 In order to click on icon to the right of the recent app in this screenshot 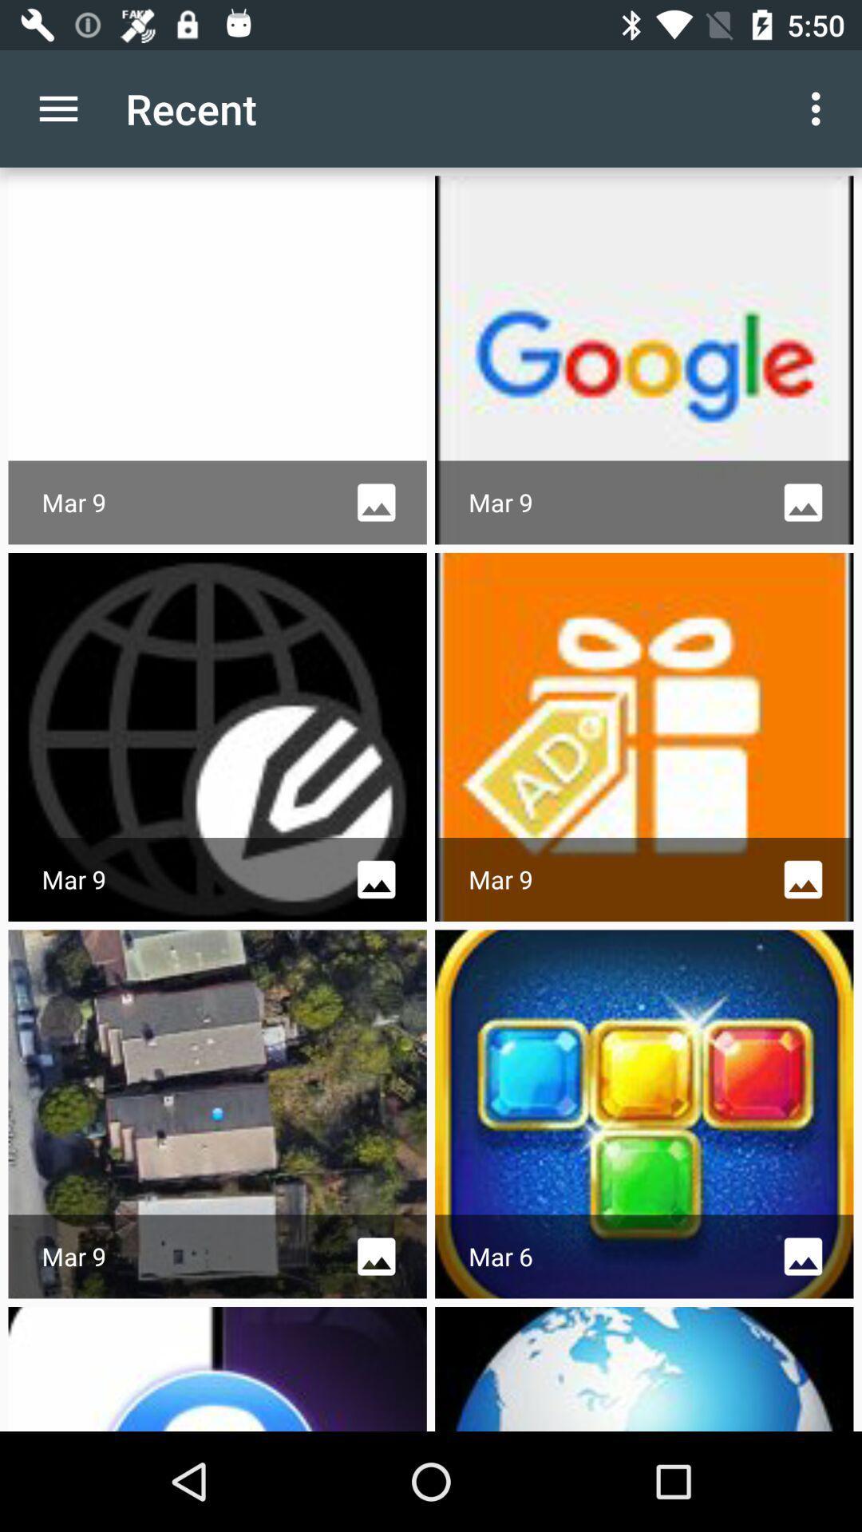, I will do `click(820, 108)`.